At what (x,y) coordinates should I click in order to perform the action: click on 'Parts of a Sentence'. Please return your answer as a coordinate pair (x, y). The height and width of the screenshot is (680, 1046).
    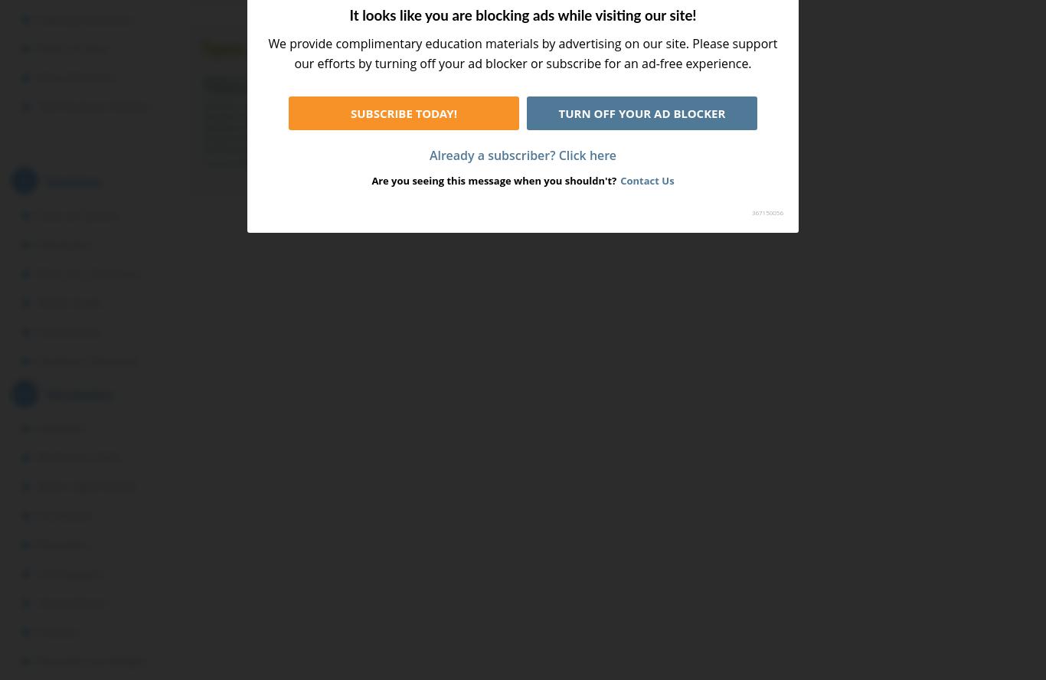
    Looking at the image, I should click on (87, 274).